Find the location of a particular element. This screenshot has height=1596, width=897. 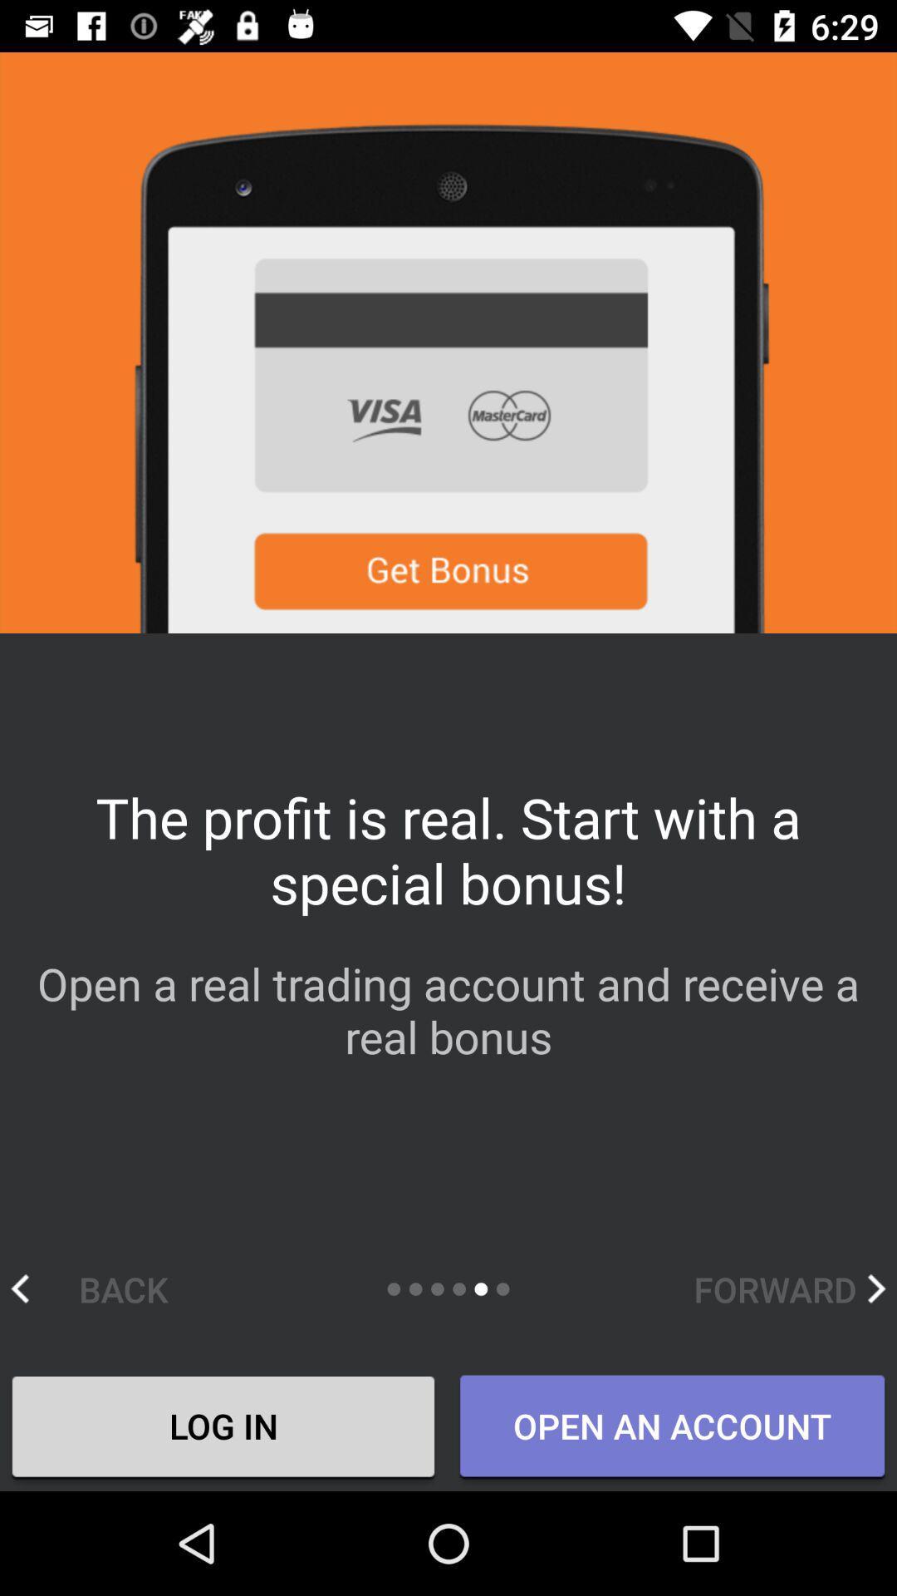

the icon next to the open an account is located at coordinates (223, 1427).